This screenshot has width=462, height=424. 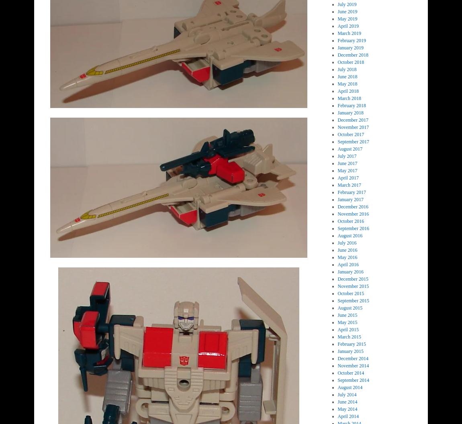 What do you see at coordinates (353, 120) in the screenshot?
I see `'December 2017'` at bounding box center [353, 120].